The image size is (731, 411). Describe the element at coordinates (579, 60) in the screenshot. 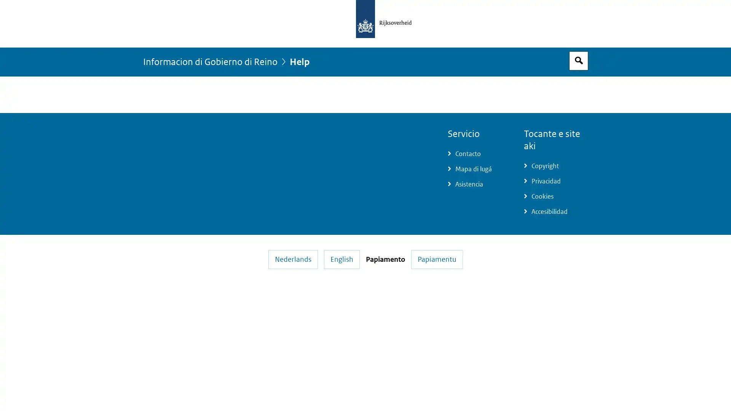

I see `Espacio pa busca habri` at that location.